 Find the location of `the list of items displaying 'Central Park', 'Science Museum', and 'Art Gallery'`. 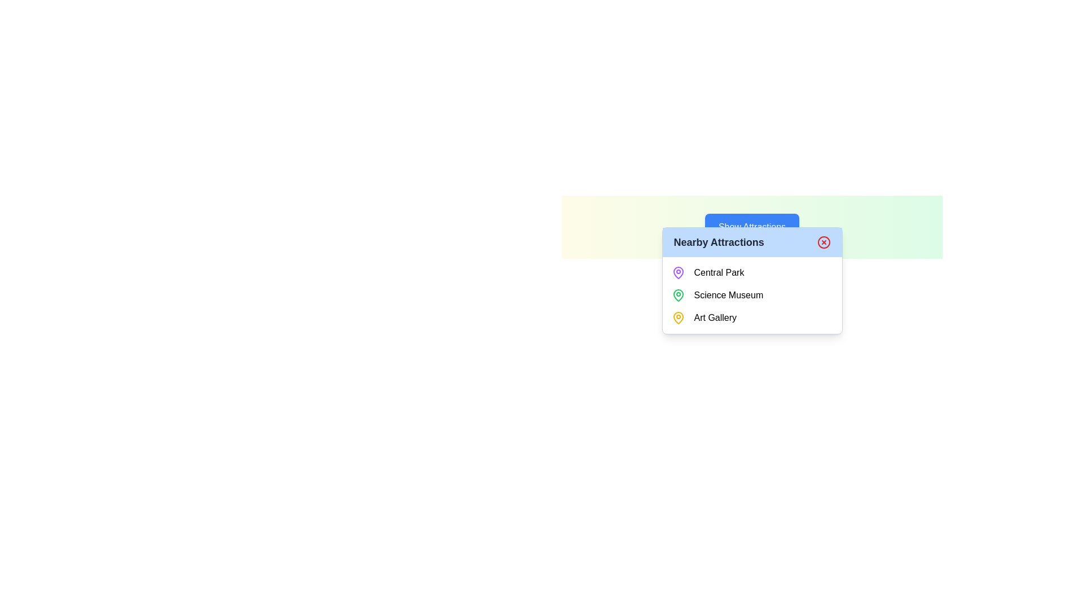

the list of items displaying 'Central Park', 'Science Museum', and 'Art Gallery' is located at coordinates (752, 295).